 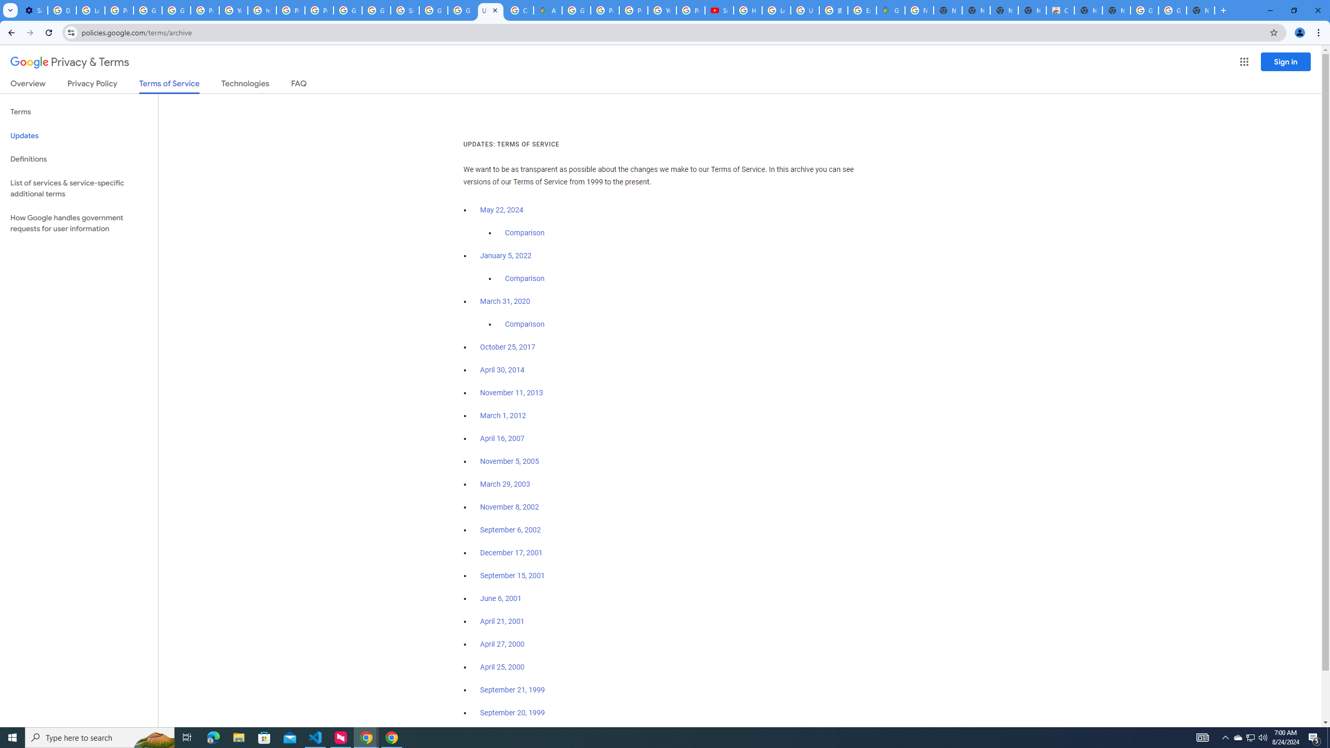 What do you see at coordinates (512, 392) in the screenshot?
I see `'November 11, 2013'` at bounding box center [512, 392].